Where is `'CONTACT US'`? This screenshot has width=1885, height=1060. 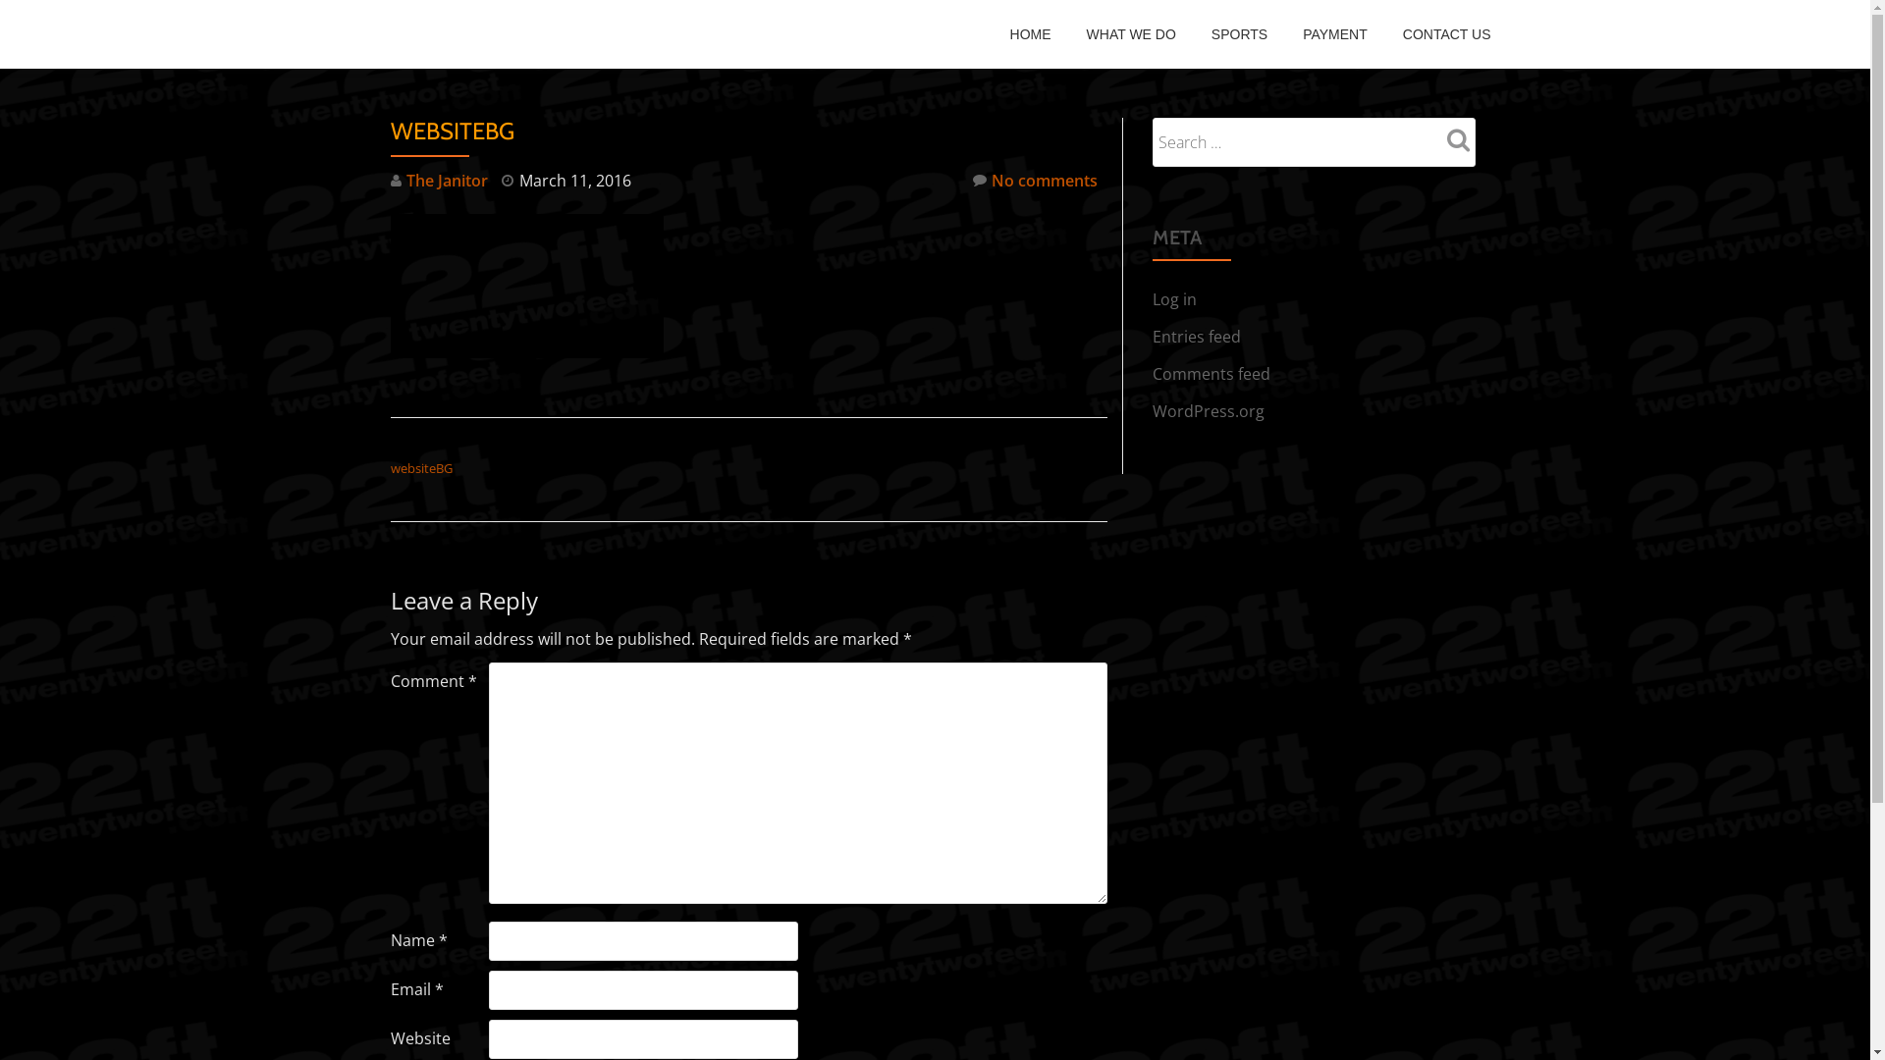 'CONTACT US' is located at coordinates (1446, 33).